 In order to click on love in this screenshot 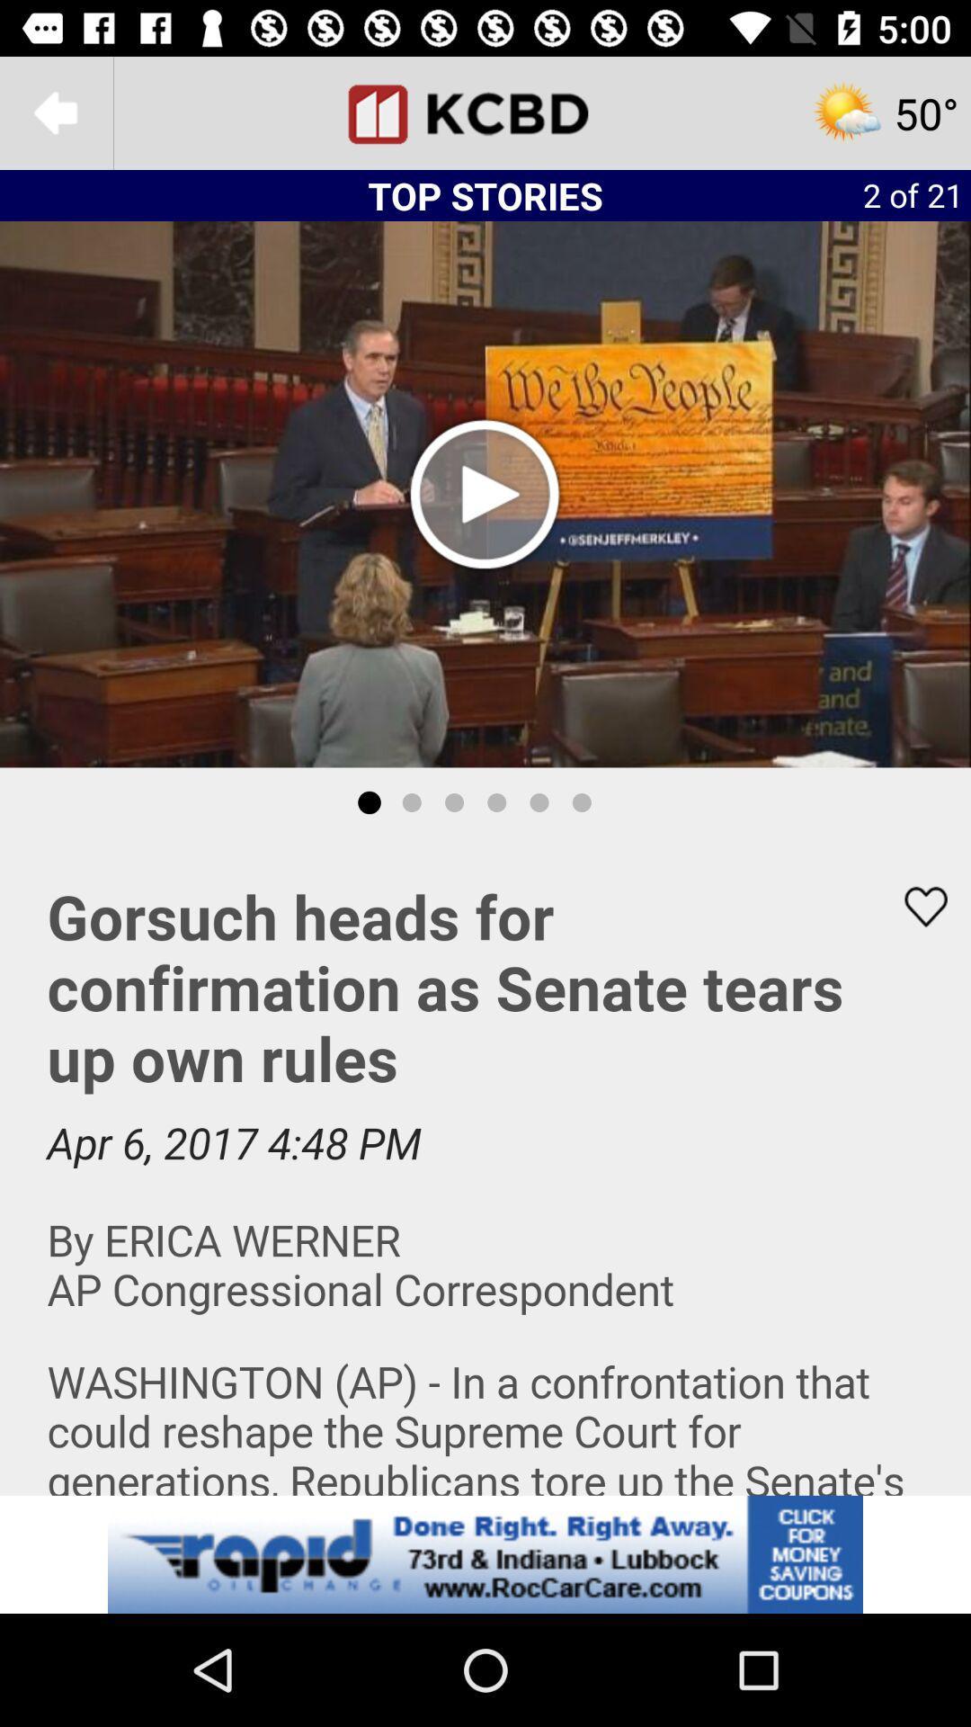, I will do `click(914, 907)`.